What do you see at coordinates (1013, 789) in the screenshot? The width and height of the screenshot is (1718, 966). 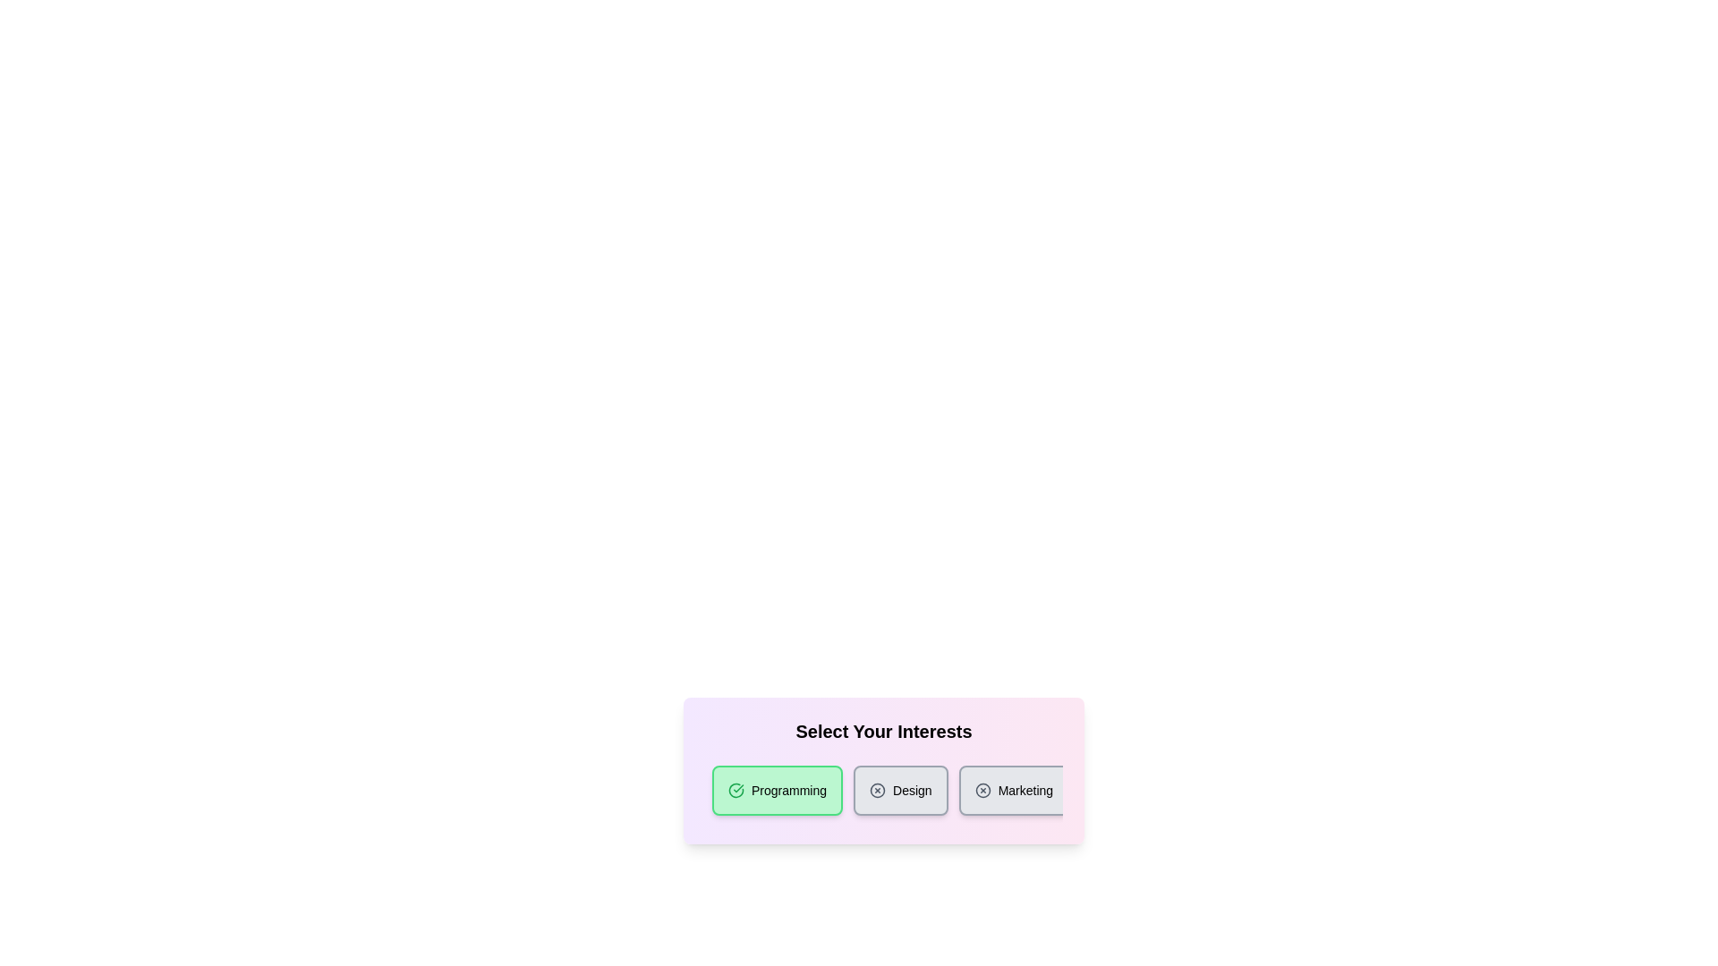 I see `the category chip labeled 'Marketing'` at bounding box center [1013, 789].